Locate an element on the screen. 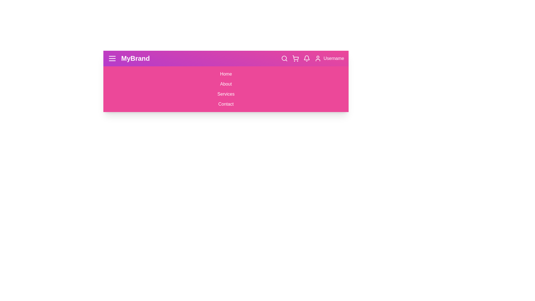 This screenshot has width=535, height=301. the search icon to initiate a search is located at coordinates (284, 58).